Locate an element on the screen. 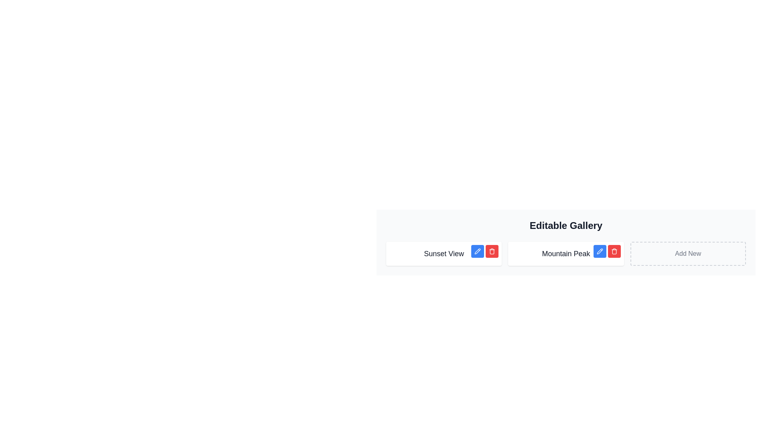  the trash can icon styled as a button, which is located to the right of the 'Mountain Peak' text in the 'Editable Gallery' section is located at coordinates (492, 251).